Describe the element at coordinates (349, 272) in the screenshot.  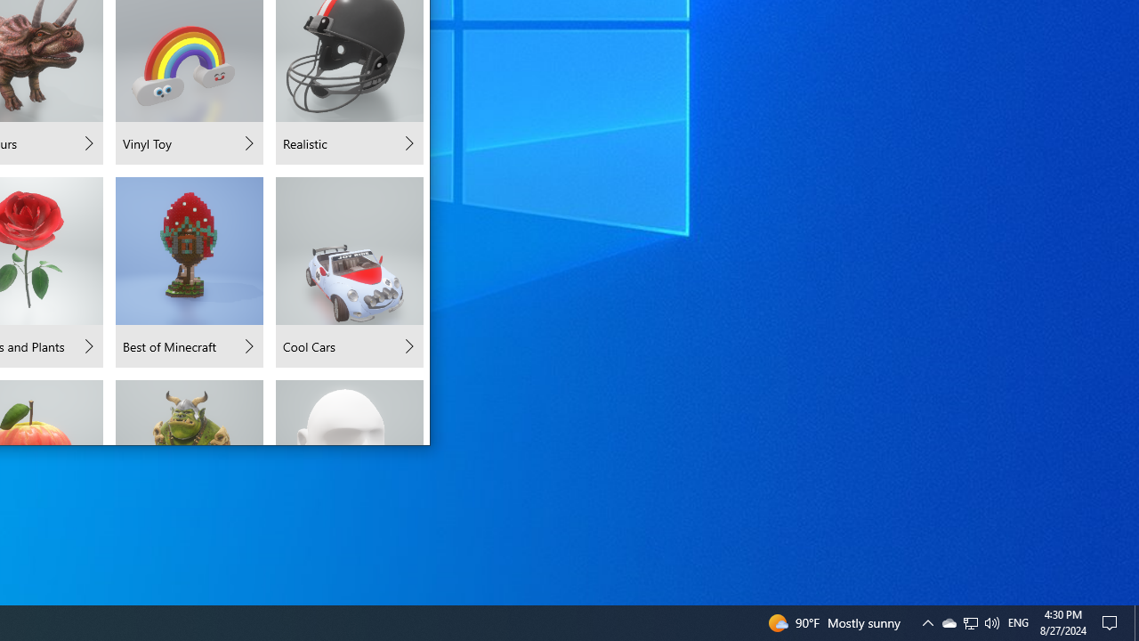
I see `'Cool Cars'` at that location.